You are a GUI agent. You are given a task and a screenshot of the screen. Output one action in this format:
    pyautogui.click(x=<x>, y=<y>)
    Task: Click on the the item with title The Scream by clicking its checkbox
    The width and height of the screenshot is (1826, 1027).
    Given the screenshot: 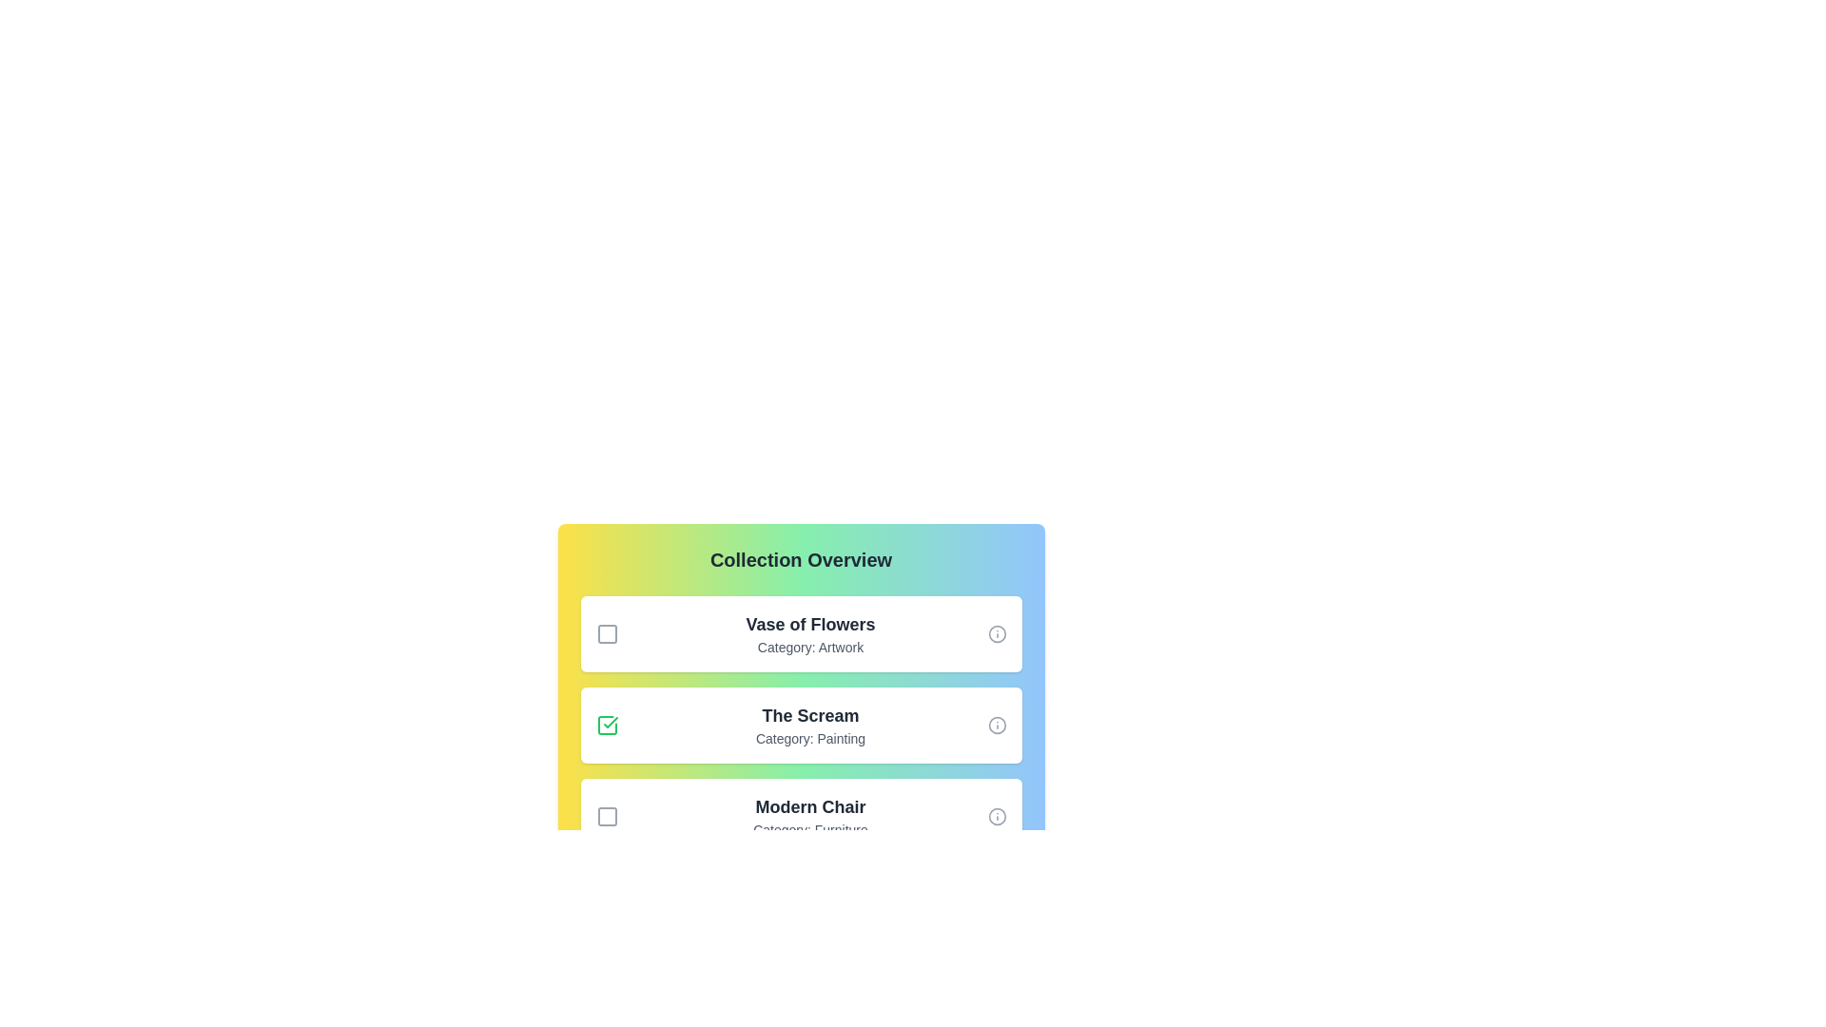 What is the action you would take?
    pyautogui.click(x=606, y=726)
    